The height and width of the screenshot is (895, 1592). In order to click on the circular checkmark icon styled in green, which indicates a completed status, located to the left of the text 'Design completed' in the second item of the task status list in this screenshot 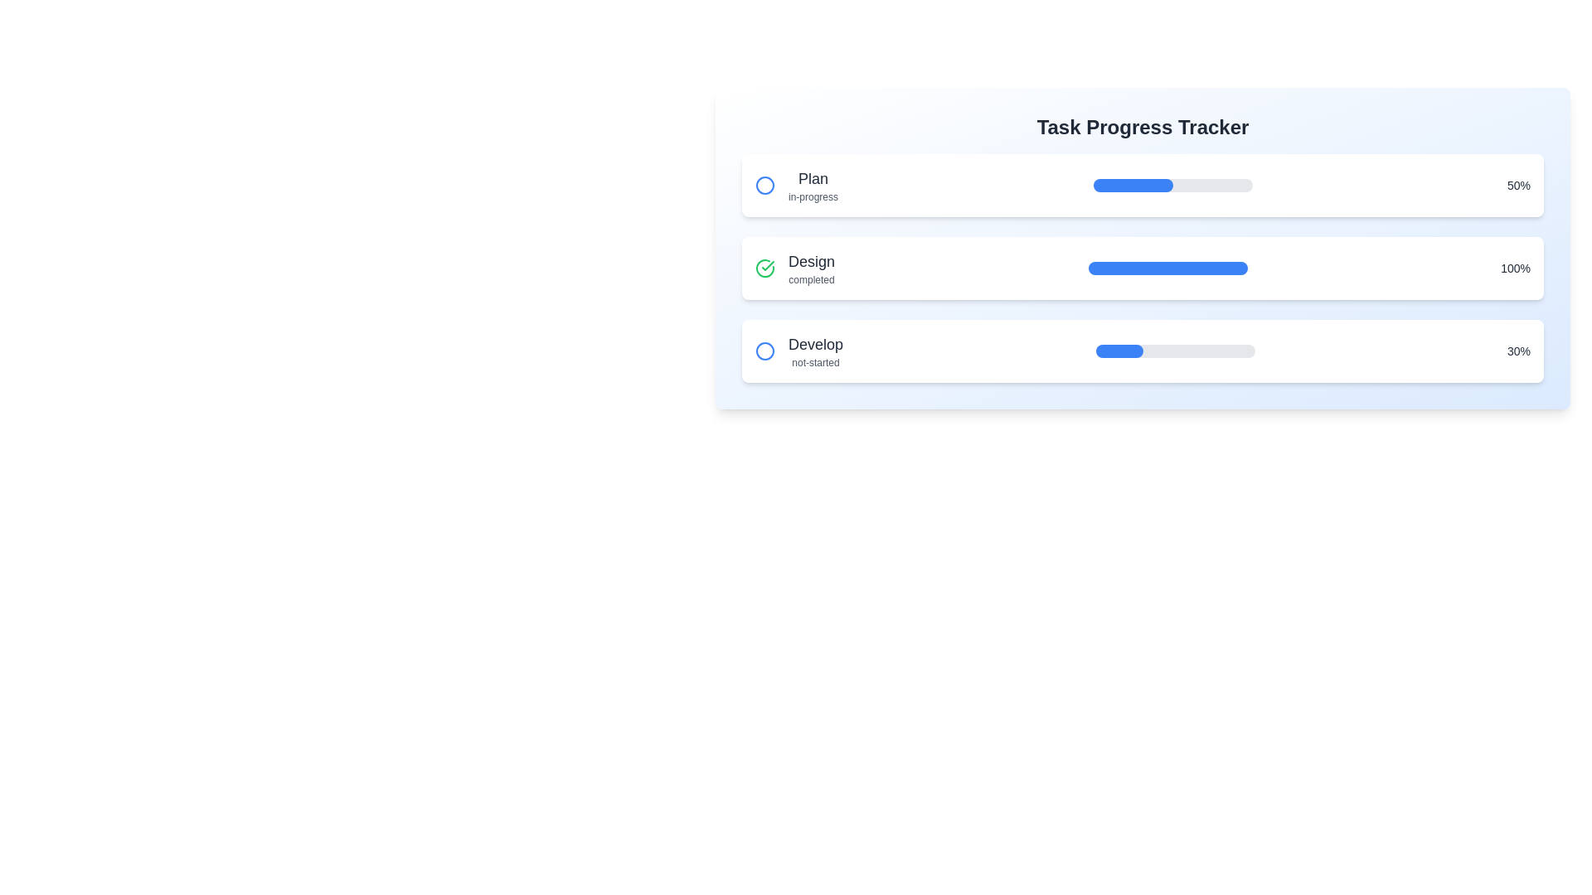, I will do `click(764, 268)`.